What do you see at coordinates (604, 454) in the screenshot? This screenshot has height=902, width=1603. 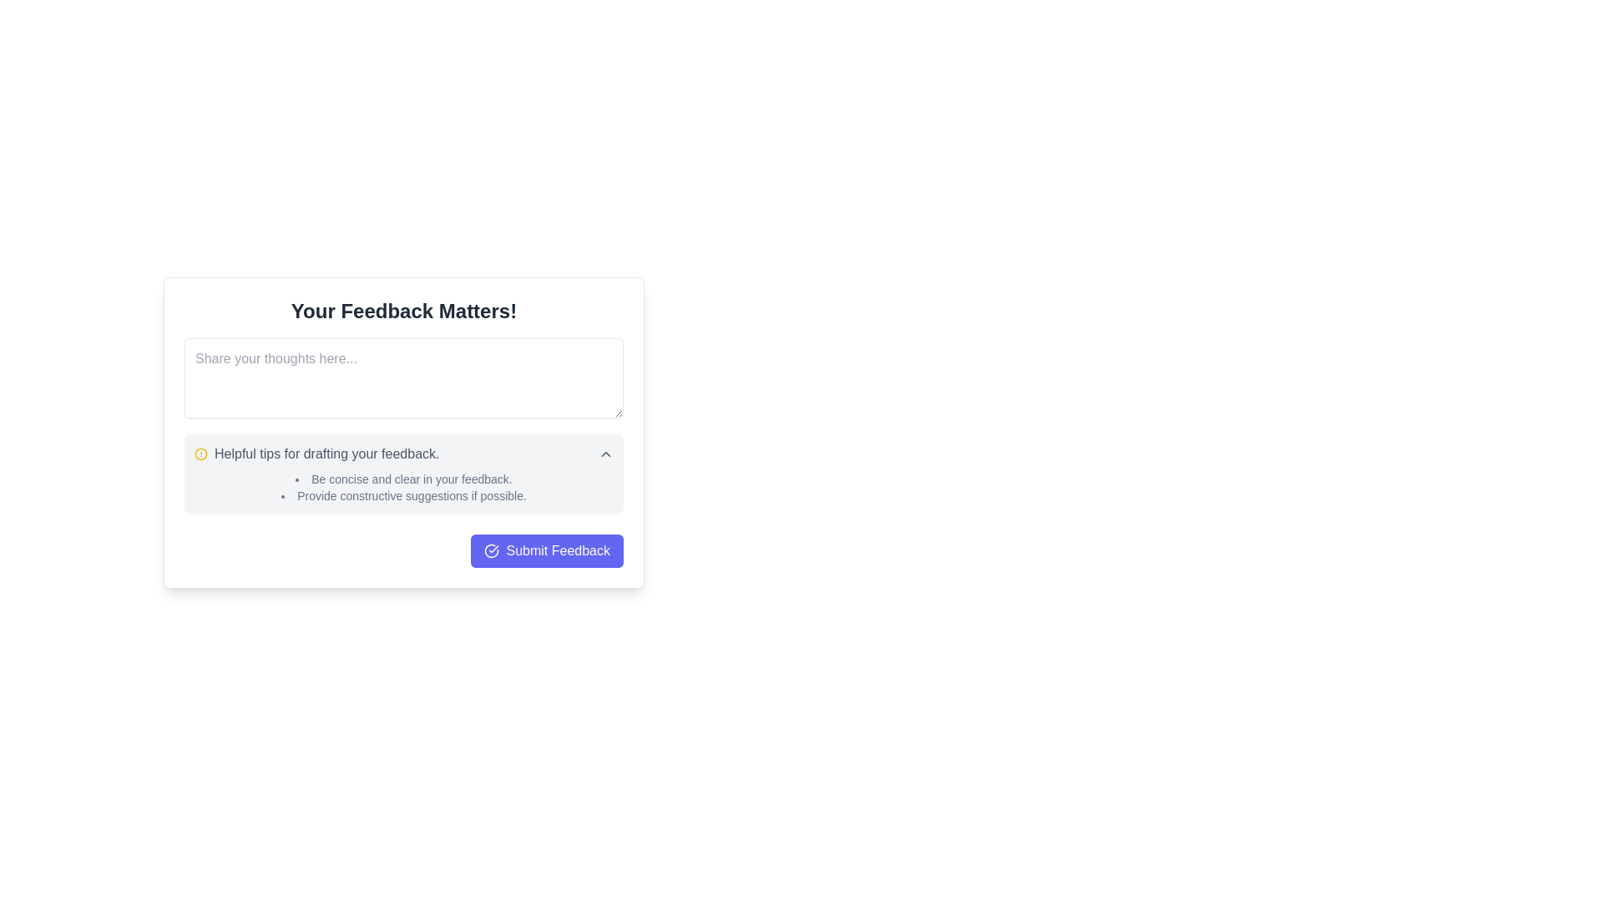 I see `the upward-pointing chevron arrow button, which is gray and located to the right of the text 'Helpful tips for drafting your feedback.'` at bounding box center [604, 454].